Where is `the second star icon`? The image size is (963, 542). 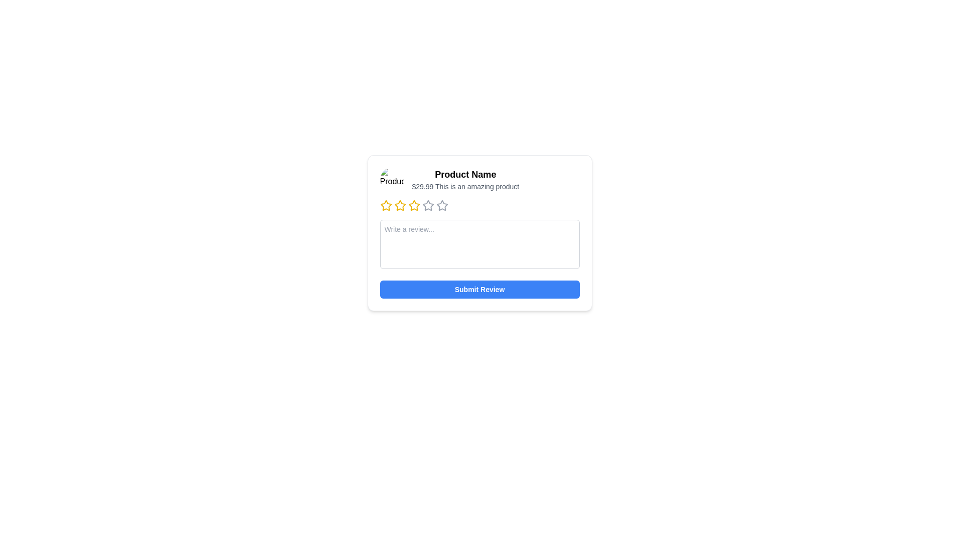
the second star icon is located at coordinates (399, 205).